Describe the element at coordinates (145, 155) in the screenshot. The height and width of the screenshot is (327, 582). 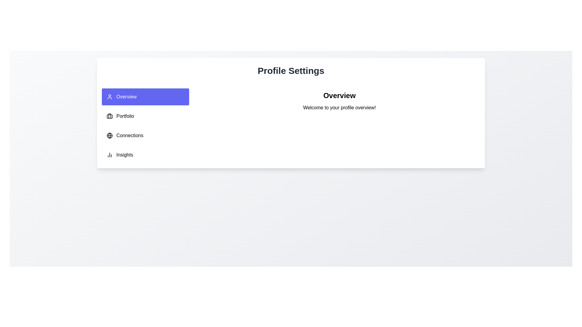
I see `the tab labeled Insights in the navigation menu` at that location.